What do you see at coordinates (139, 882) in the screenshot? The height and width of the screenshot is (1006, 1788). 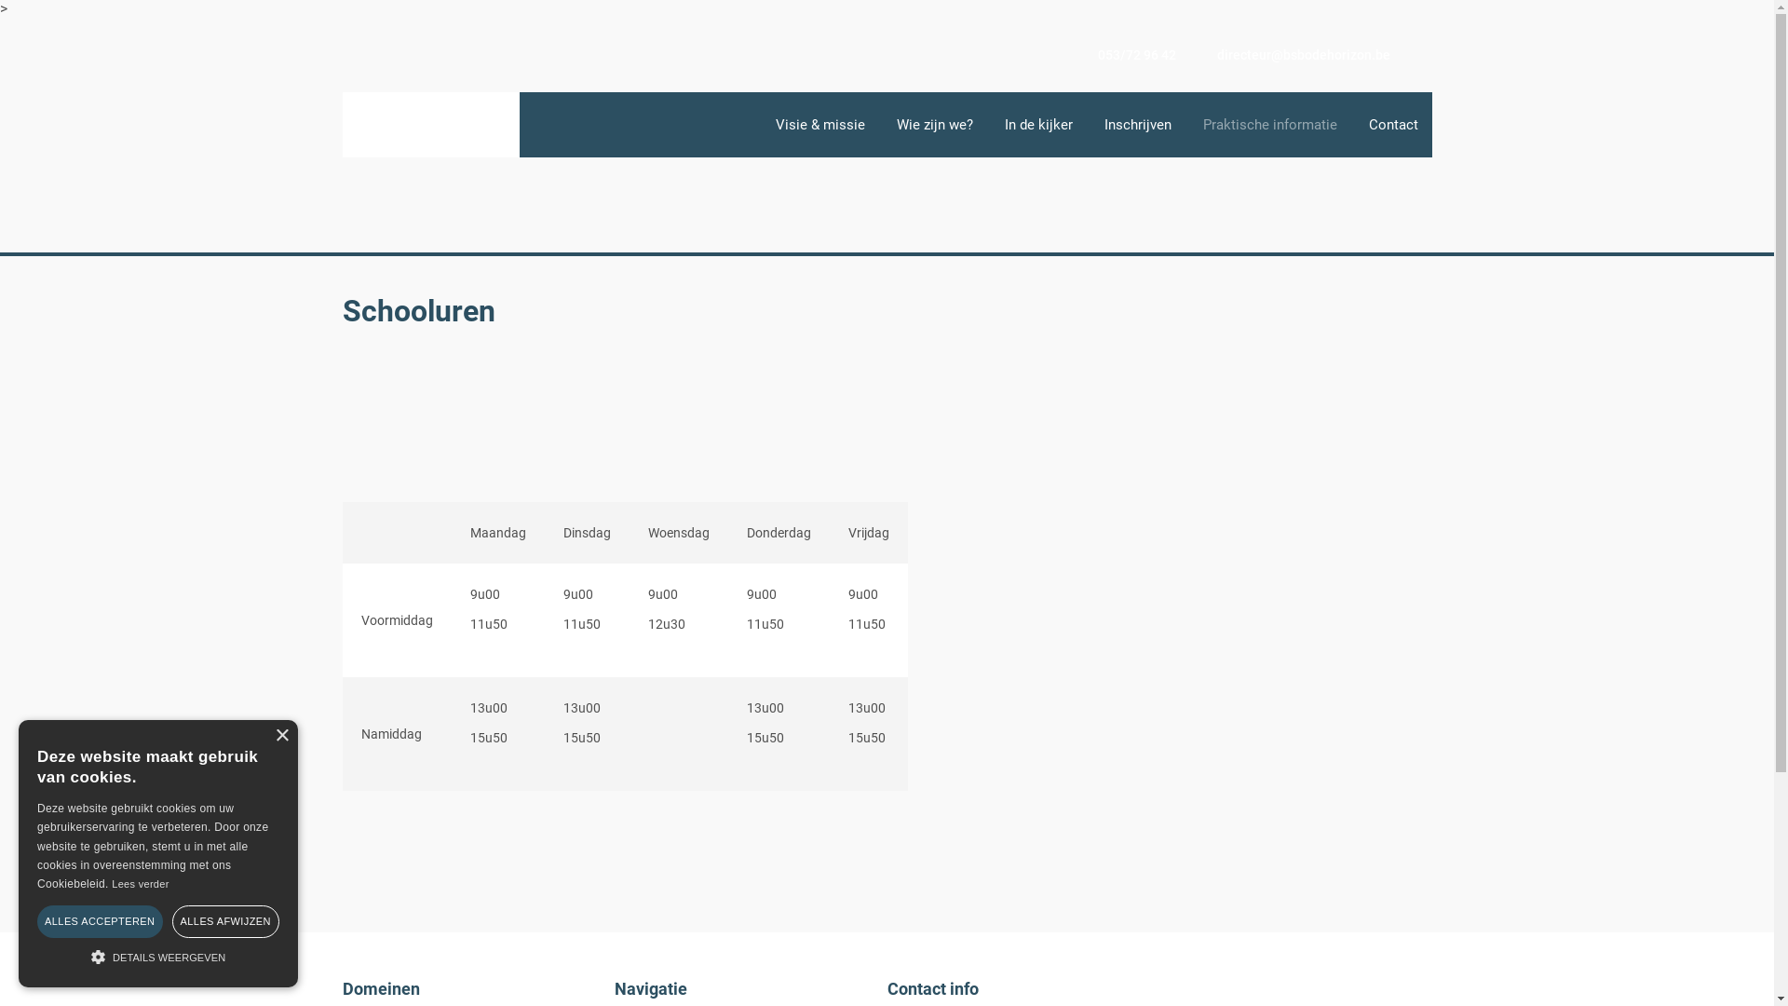 I see `'Lees verder'` at bounding box center [139, 882].